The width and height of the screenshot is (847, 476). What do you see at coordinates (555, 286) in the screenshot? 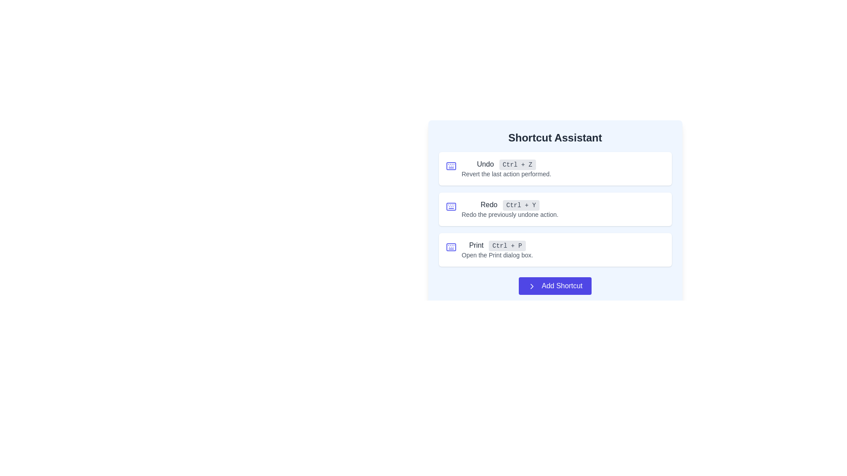
I see `the 'Add Shortcut' button` at bounding box center [555, 286].